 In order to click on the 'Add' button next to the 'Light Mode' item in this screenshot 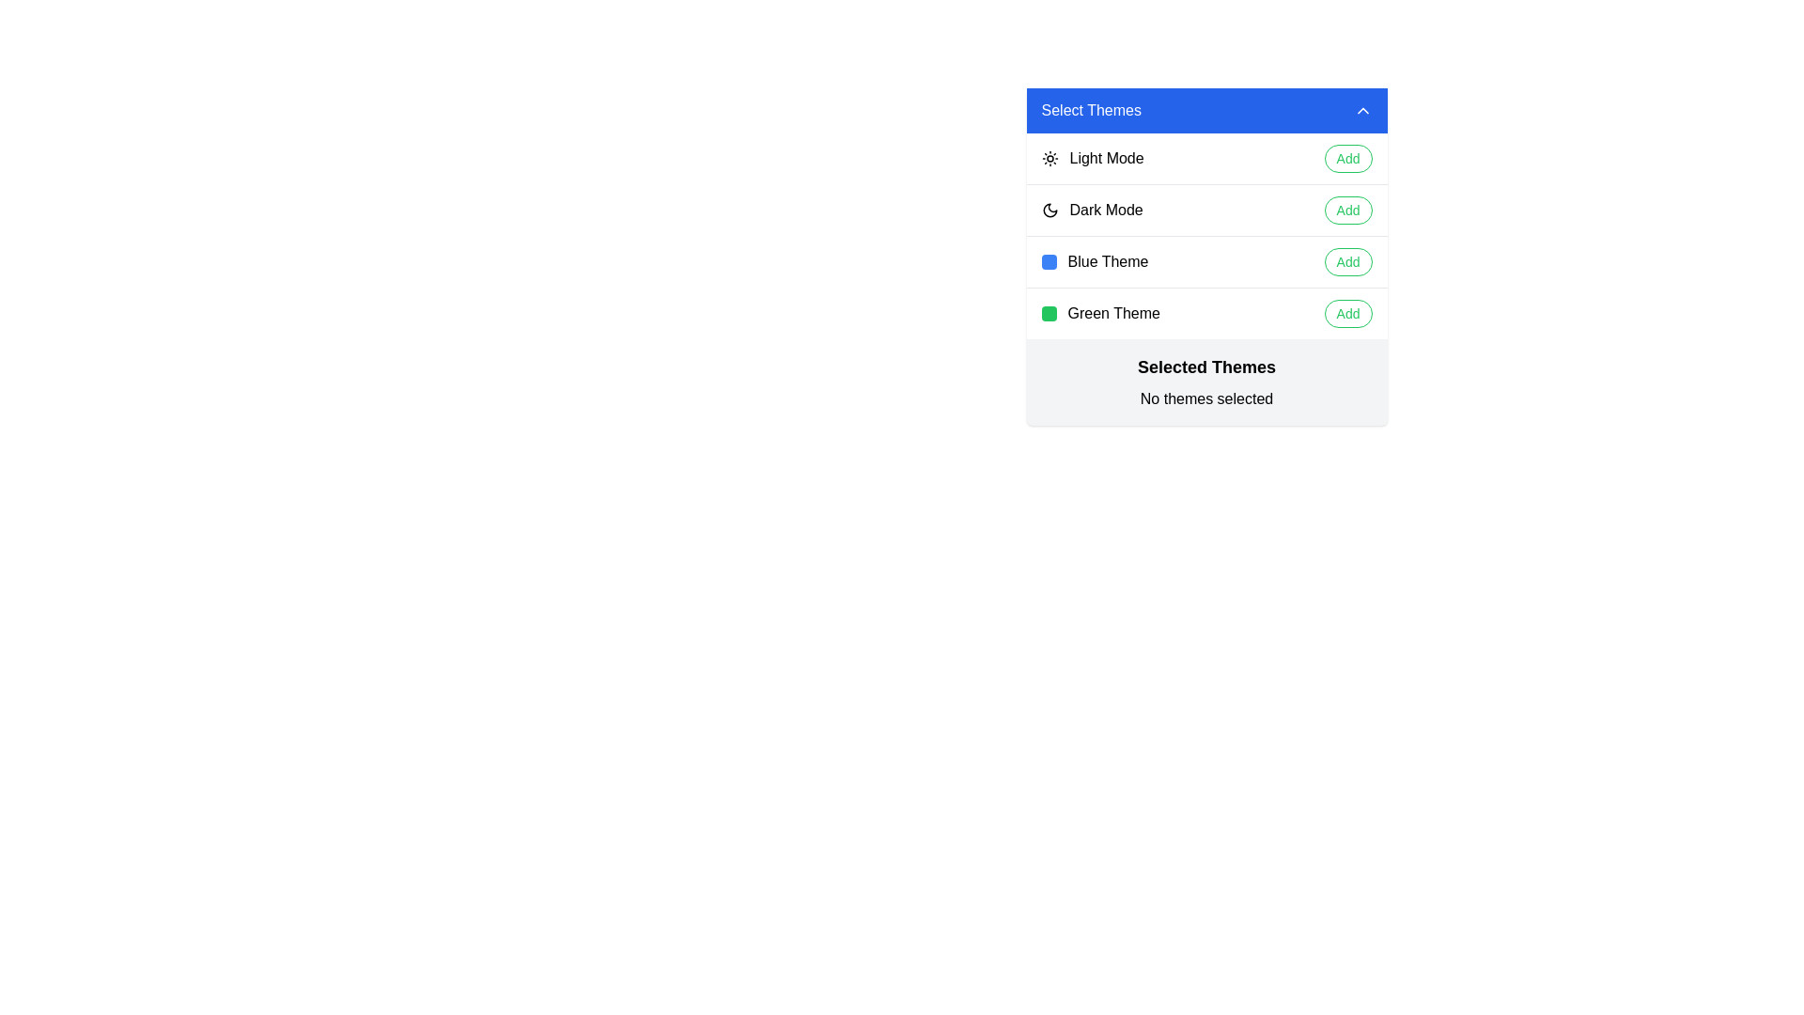, I will do `click(1347, 158)`.